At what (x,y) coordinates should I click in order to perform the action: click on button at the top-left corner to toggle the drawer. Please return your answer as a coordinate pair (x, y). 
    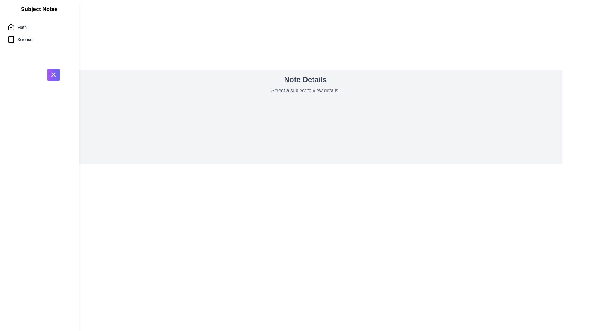
    Looking at the image, I should click on (53, 74).